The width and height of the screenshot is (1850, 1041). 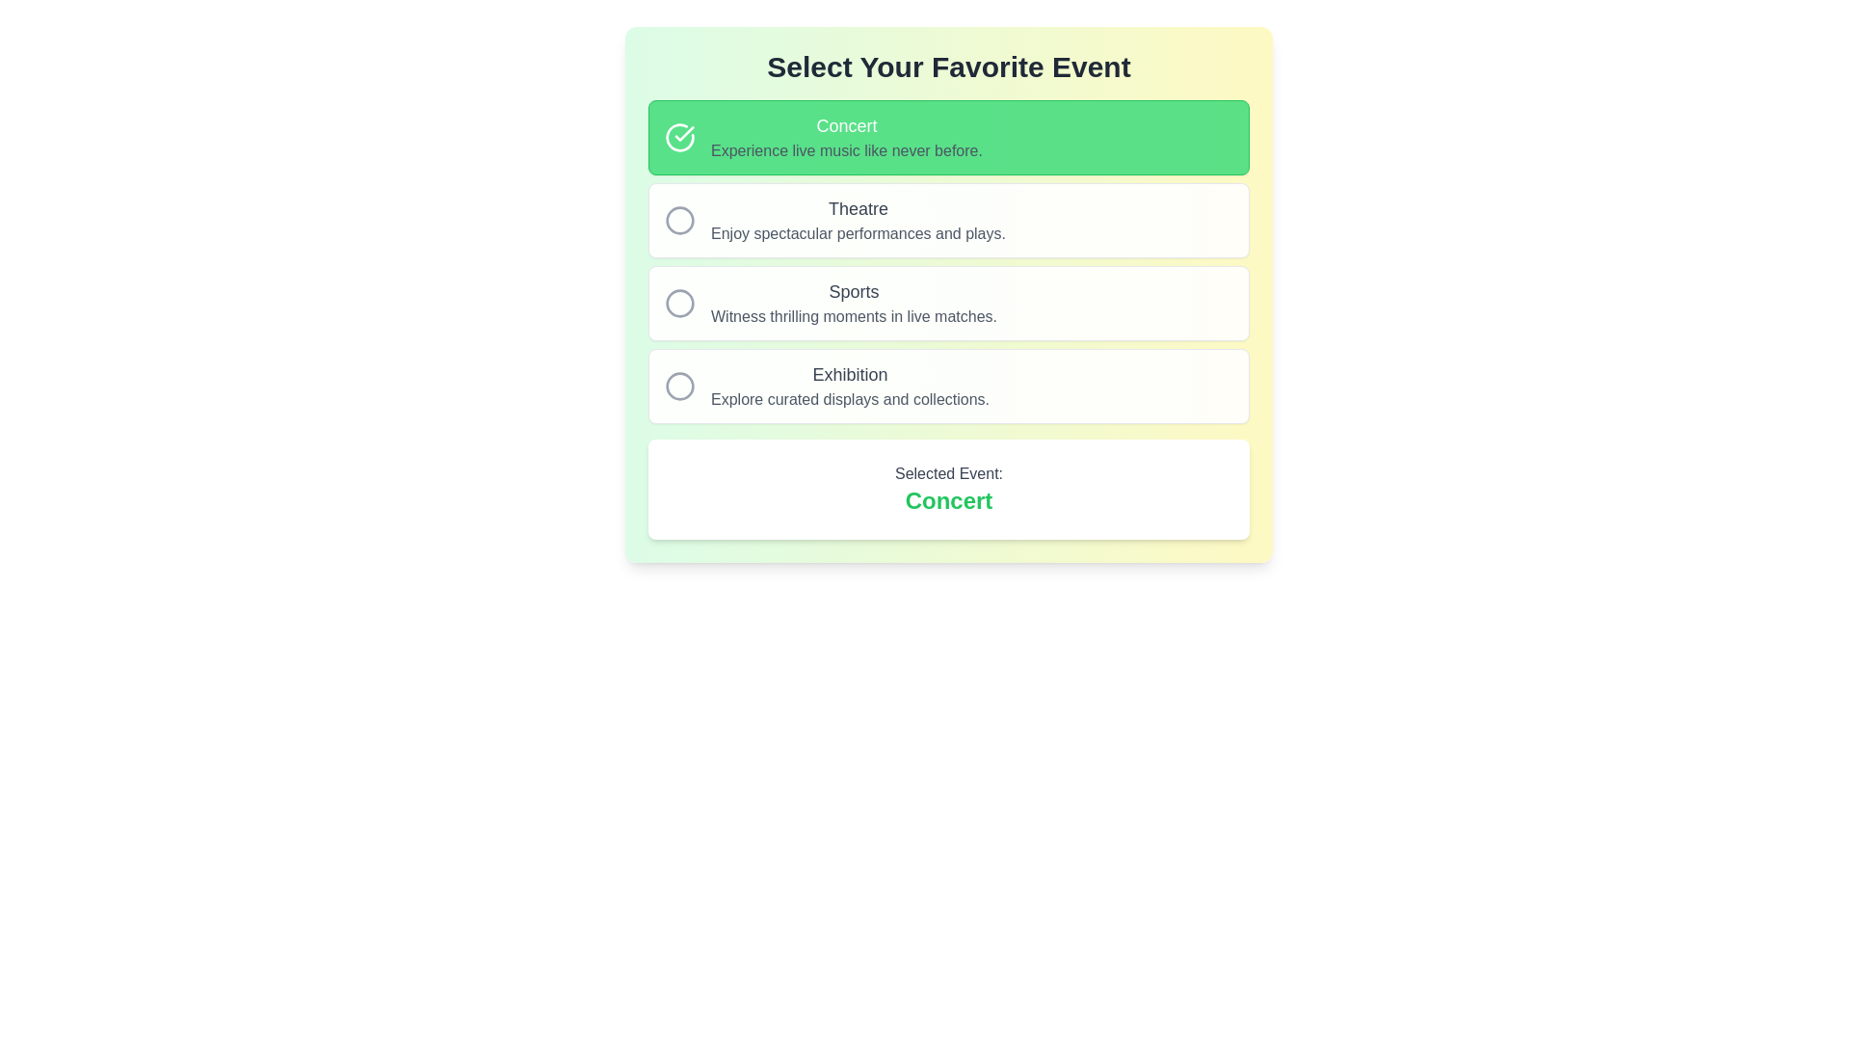 What do you see at coordinates (853, 292) in the screenshot?
I see `the 'Sports' text label which is a bold title located above a description text in a grouped section of event categories` at bounding box center [853, 292].